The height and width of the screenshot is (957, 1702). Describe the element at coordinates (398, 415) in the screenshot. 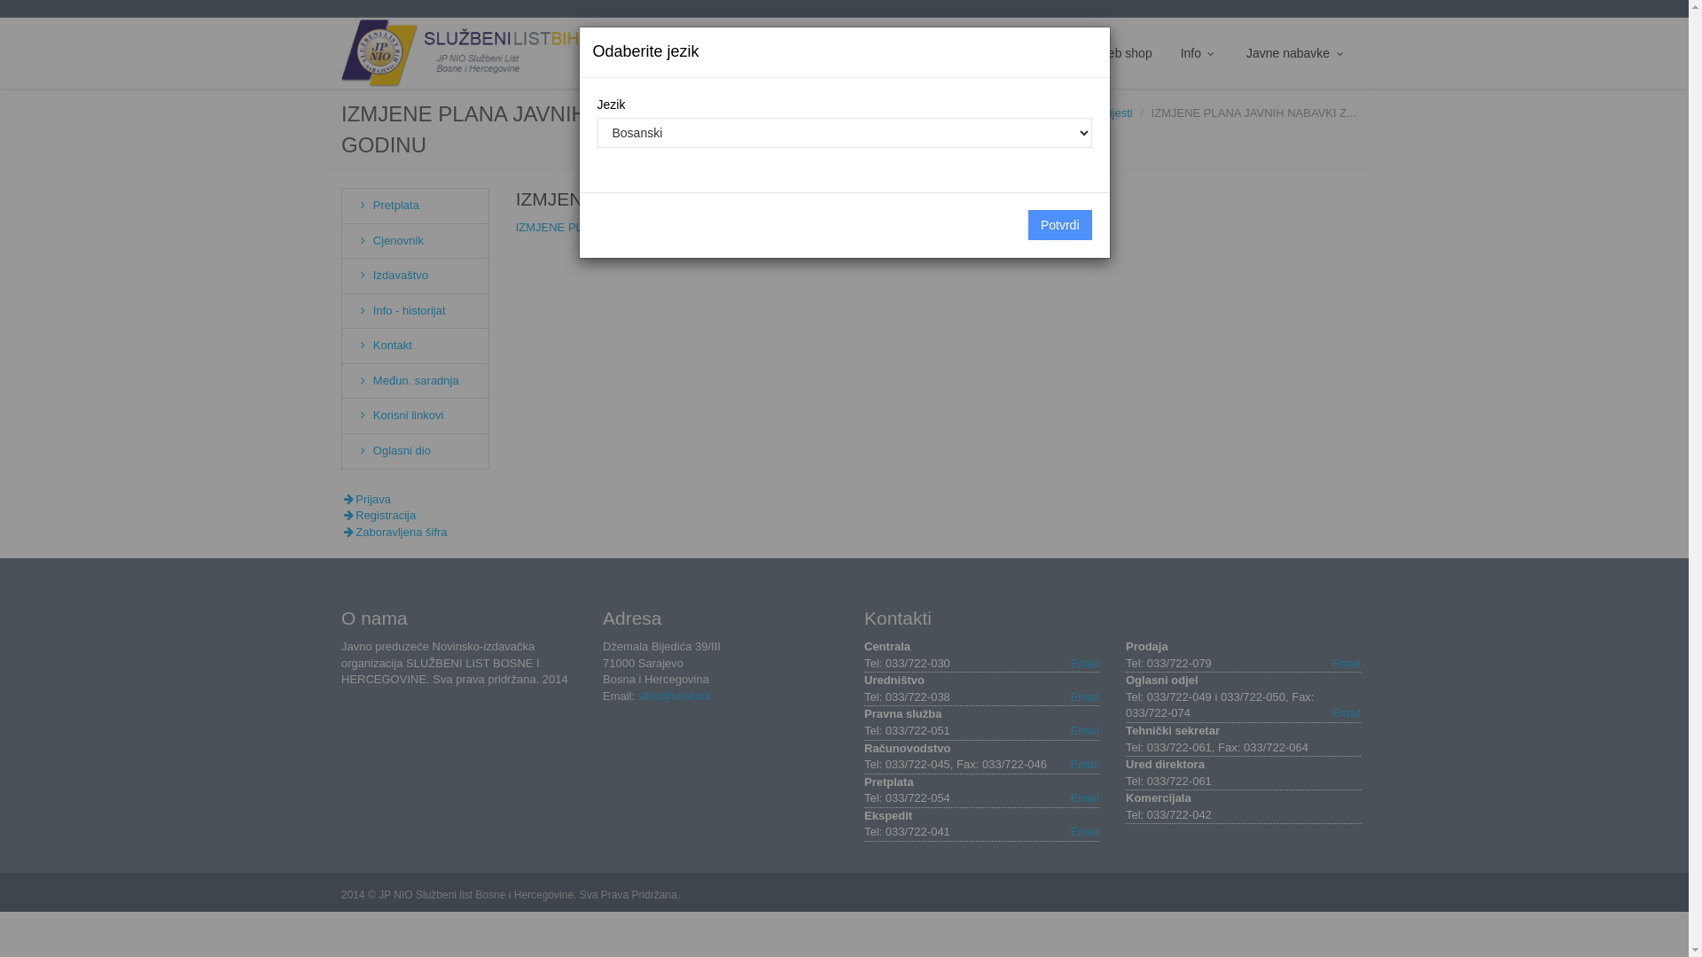

I see `'Korisni linkovi'` at that location.